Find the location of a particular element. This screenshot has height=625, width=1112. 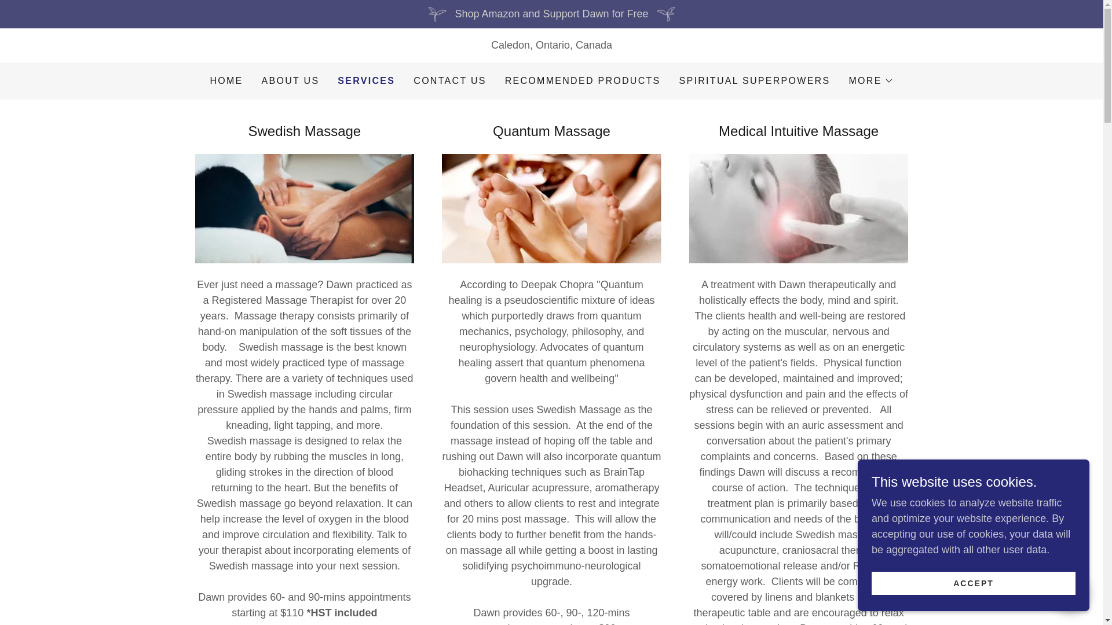

'Shop Amazon and Support Dawn for Free' is located at coordinates (551, 14).